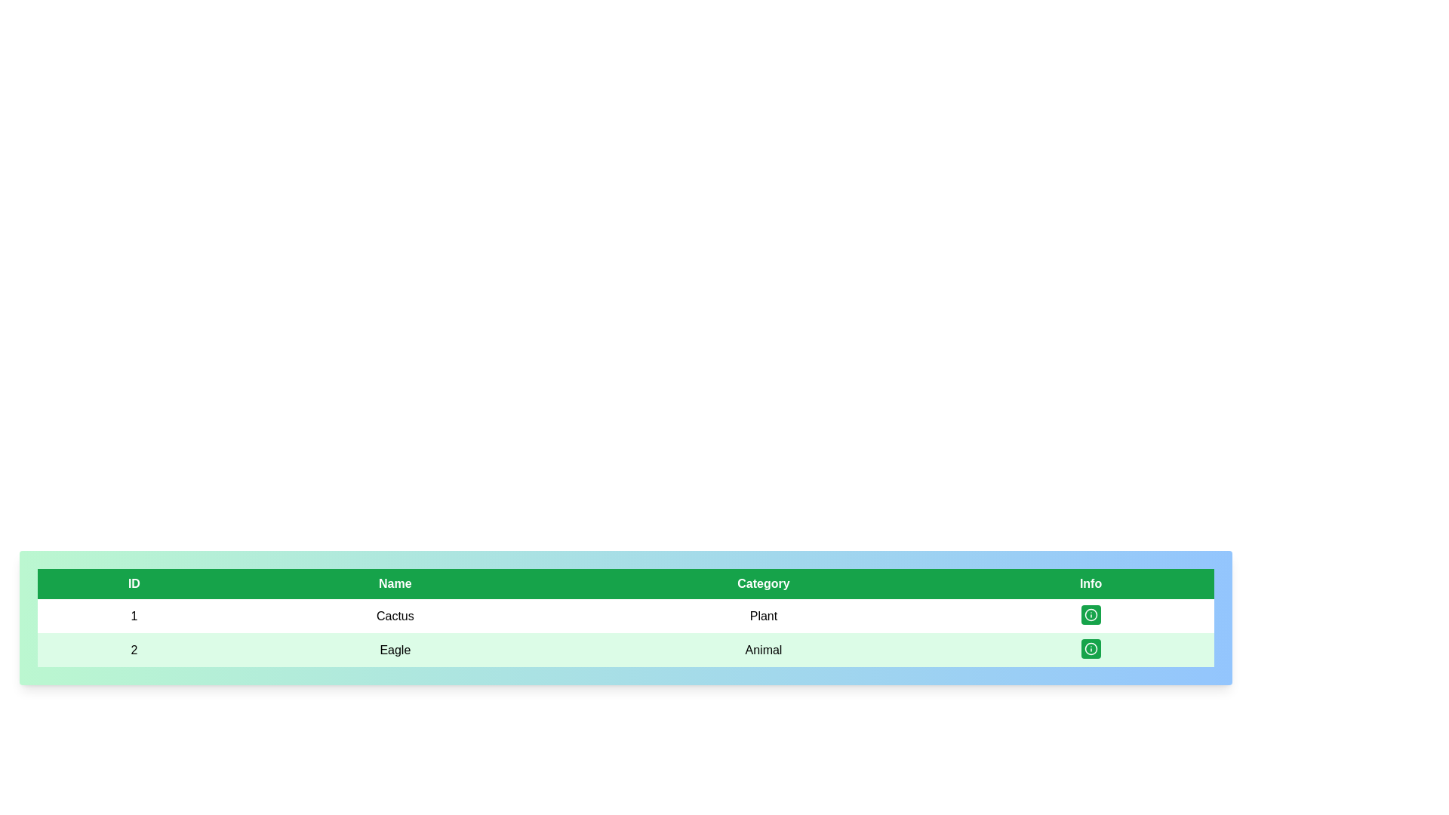 This screenshot has height=815, width=1449. Describe the element at coordinates (626, 649) in the screenshot. I see `the second row in the table that contains data about an entity or category, located below the row with '1', 'Cactus', and 'Plant'` at that location.